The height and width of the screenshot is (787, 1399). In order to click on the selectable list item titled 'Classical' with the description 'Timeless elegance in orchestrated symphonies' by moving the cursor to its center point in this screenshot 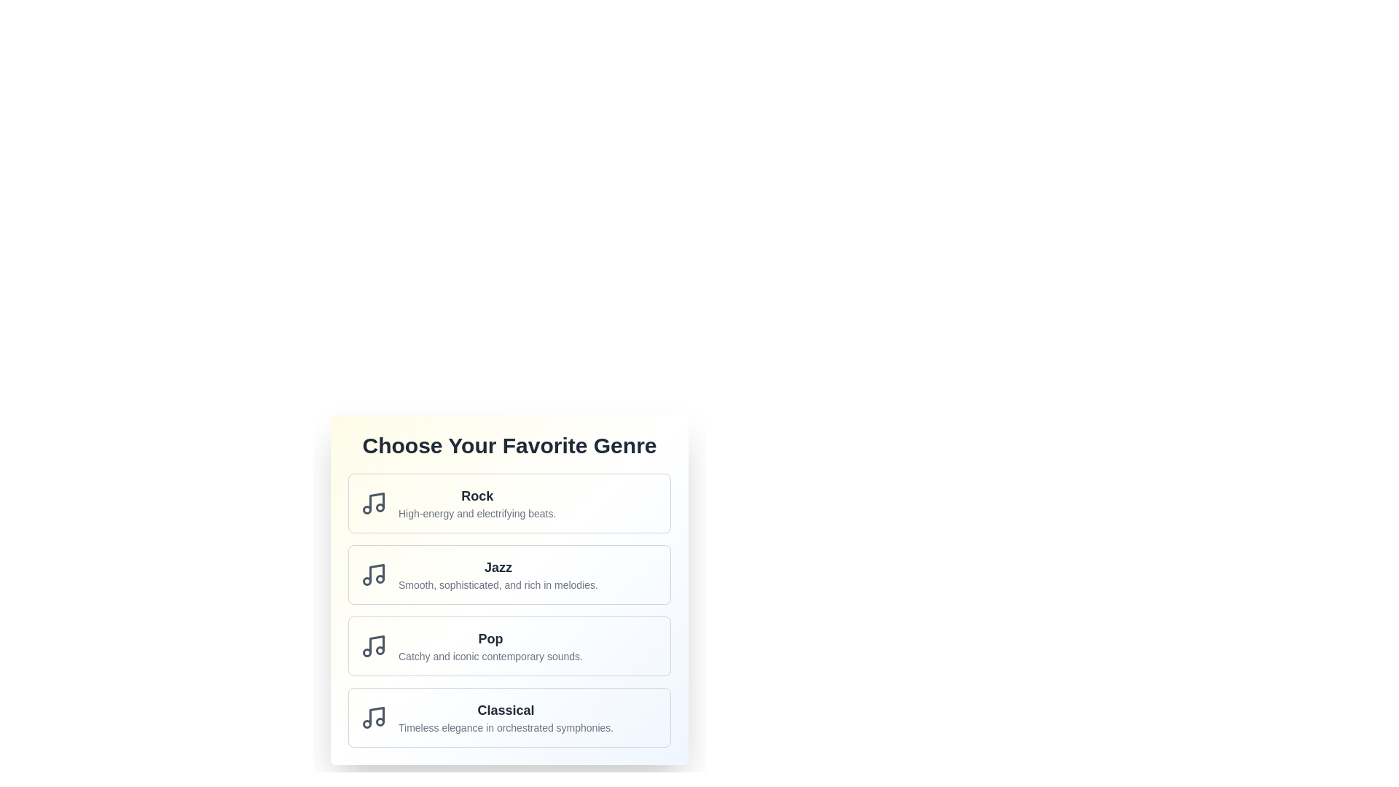, I will do `click(506, 716)`.